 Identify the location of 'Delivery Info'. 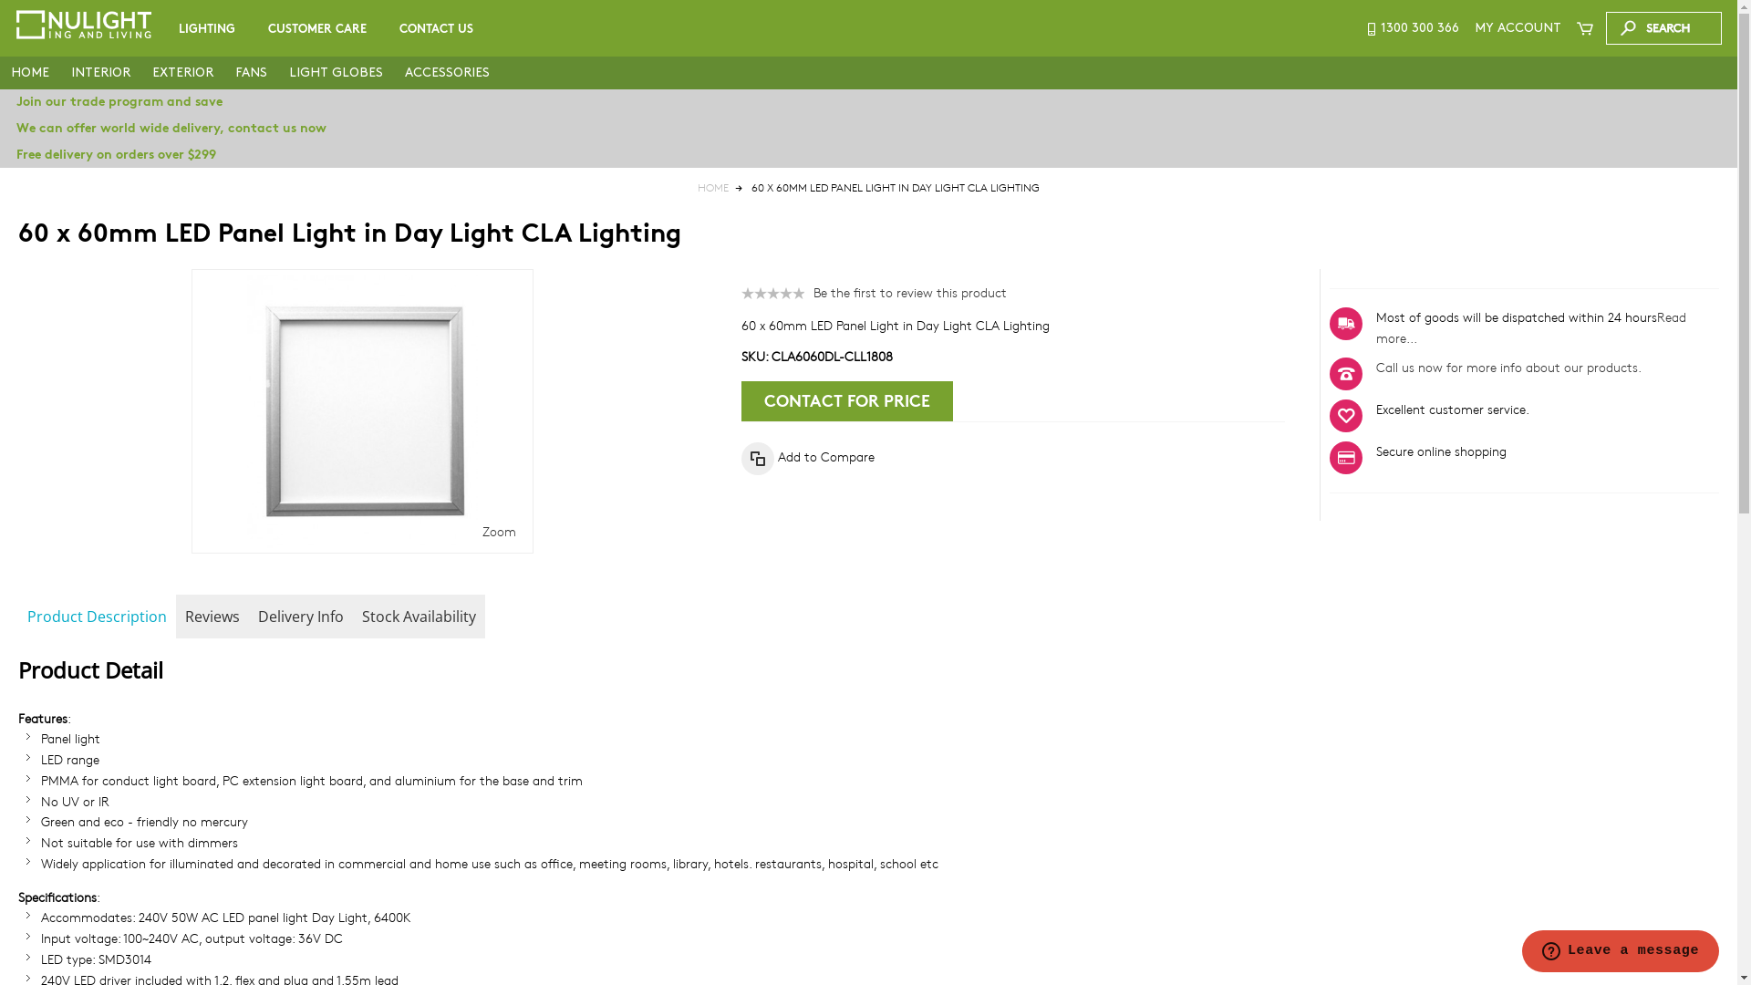
(301, 616).